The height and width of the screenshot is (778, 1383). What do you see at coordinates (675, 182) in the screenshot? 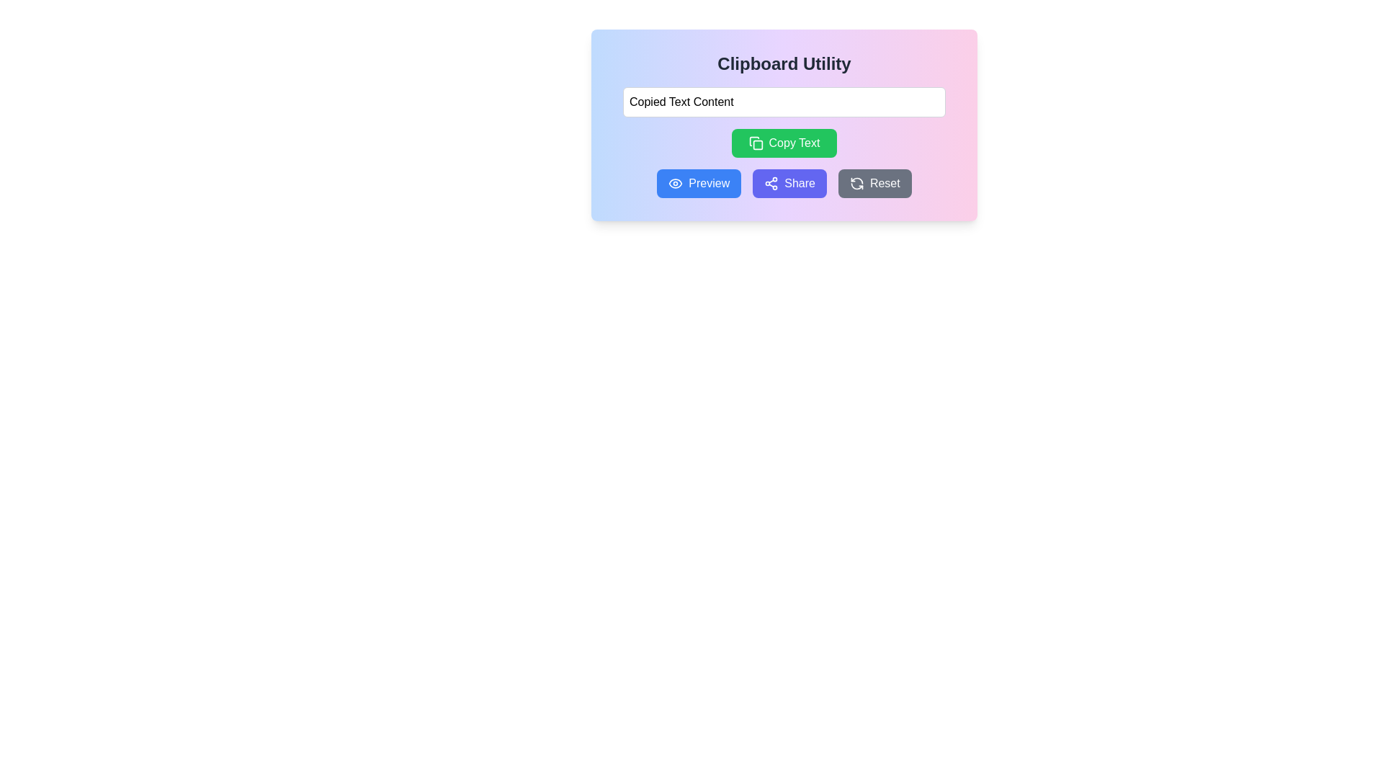
I see `the blue-filled eye contour element within the SVG icon located on the left side of the button group labeled 'Preview', 'Share', and 'Reset'` at bounding box center [675, 182].